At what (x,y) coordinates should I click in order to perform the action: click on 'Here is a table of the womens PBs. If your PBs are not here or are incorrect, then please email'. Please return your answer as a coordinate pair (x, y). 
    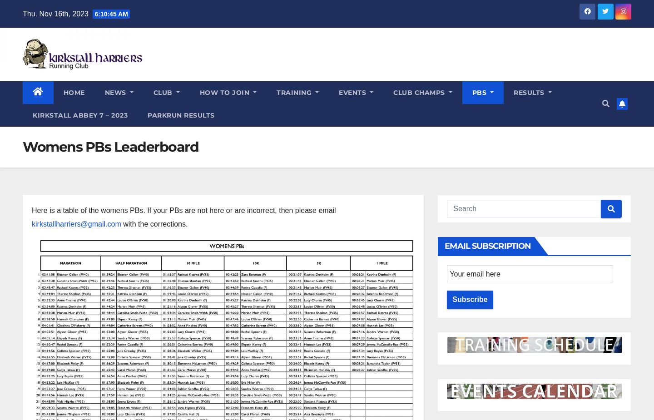
    Looking at the image, I should click on (183, 210).